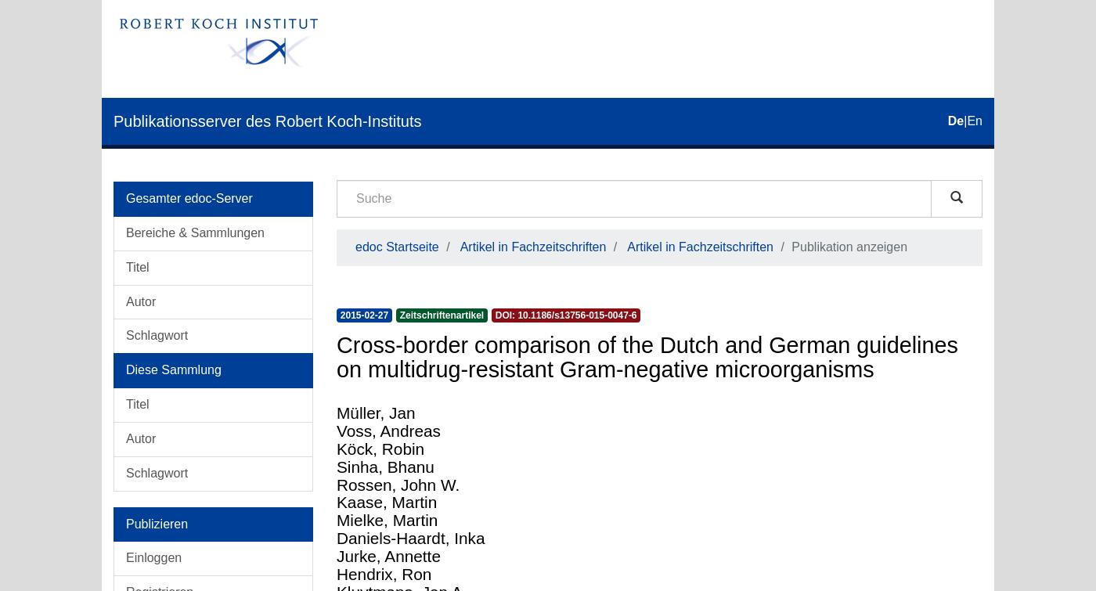 This screenshot has width=1096, height=591. What do you see at coordinates (380, 447) in the screenshot?
I see `'Köck, Robin'` at bounding box center [380, 447].